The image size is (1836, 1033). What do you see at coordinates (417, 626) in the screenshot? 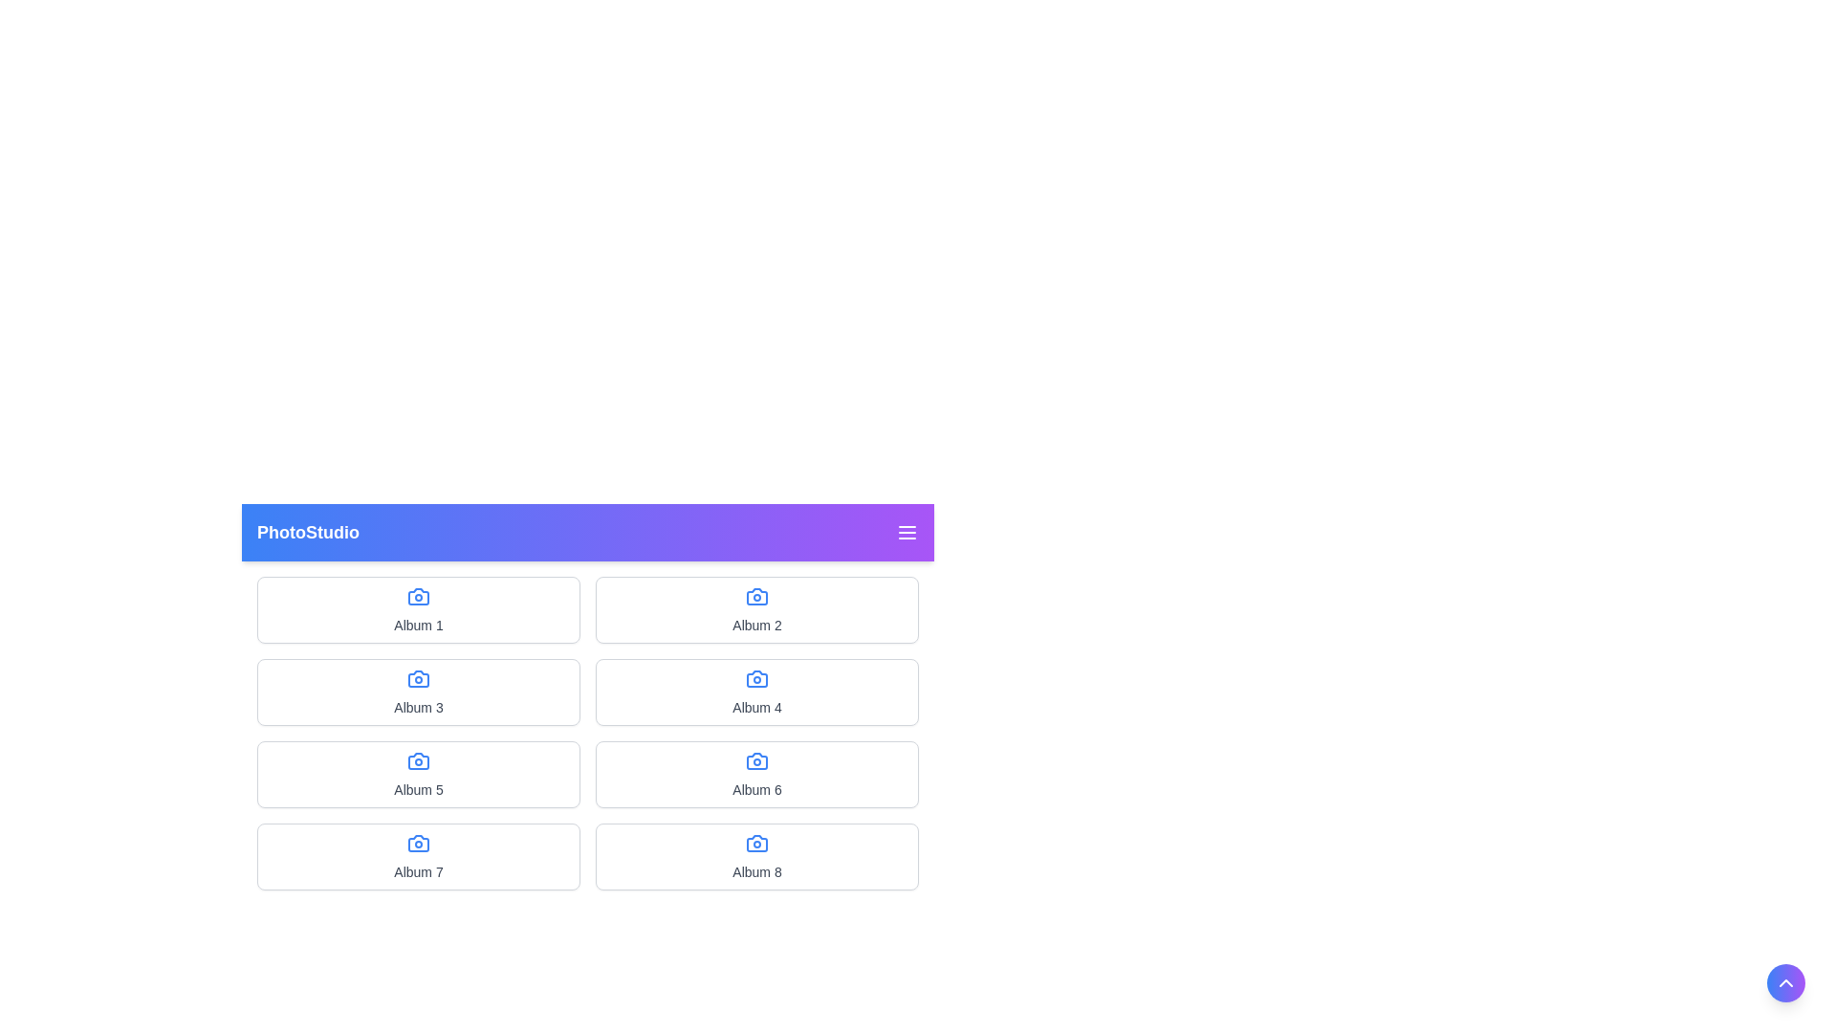
I see `description of the Text Label that identifies the associated album in the first card of the top row in the grid layout, located below the camera icon` at bounding box center [417, 626].